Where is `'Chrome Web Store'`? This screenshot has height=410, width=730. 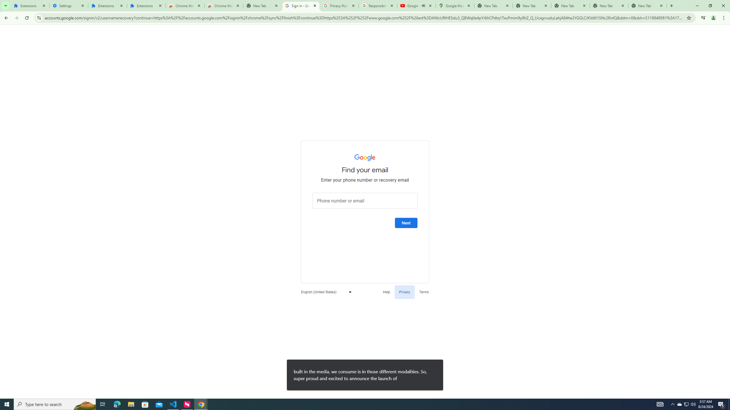
'Chrome Web Store' is located at coordinates (185, 5).